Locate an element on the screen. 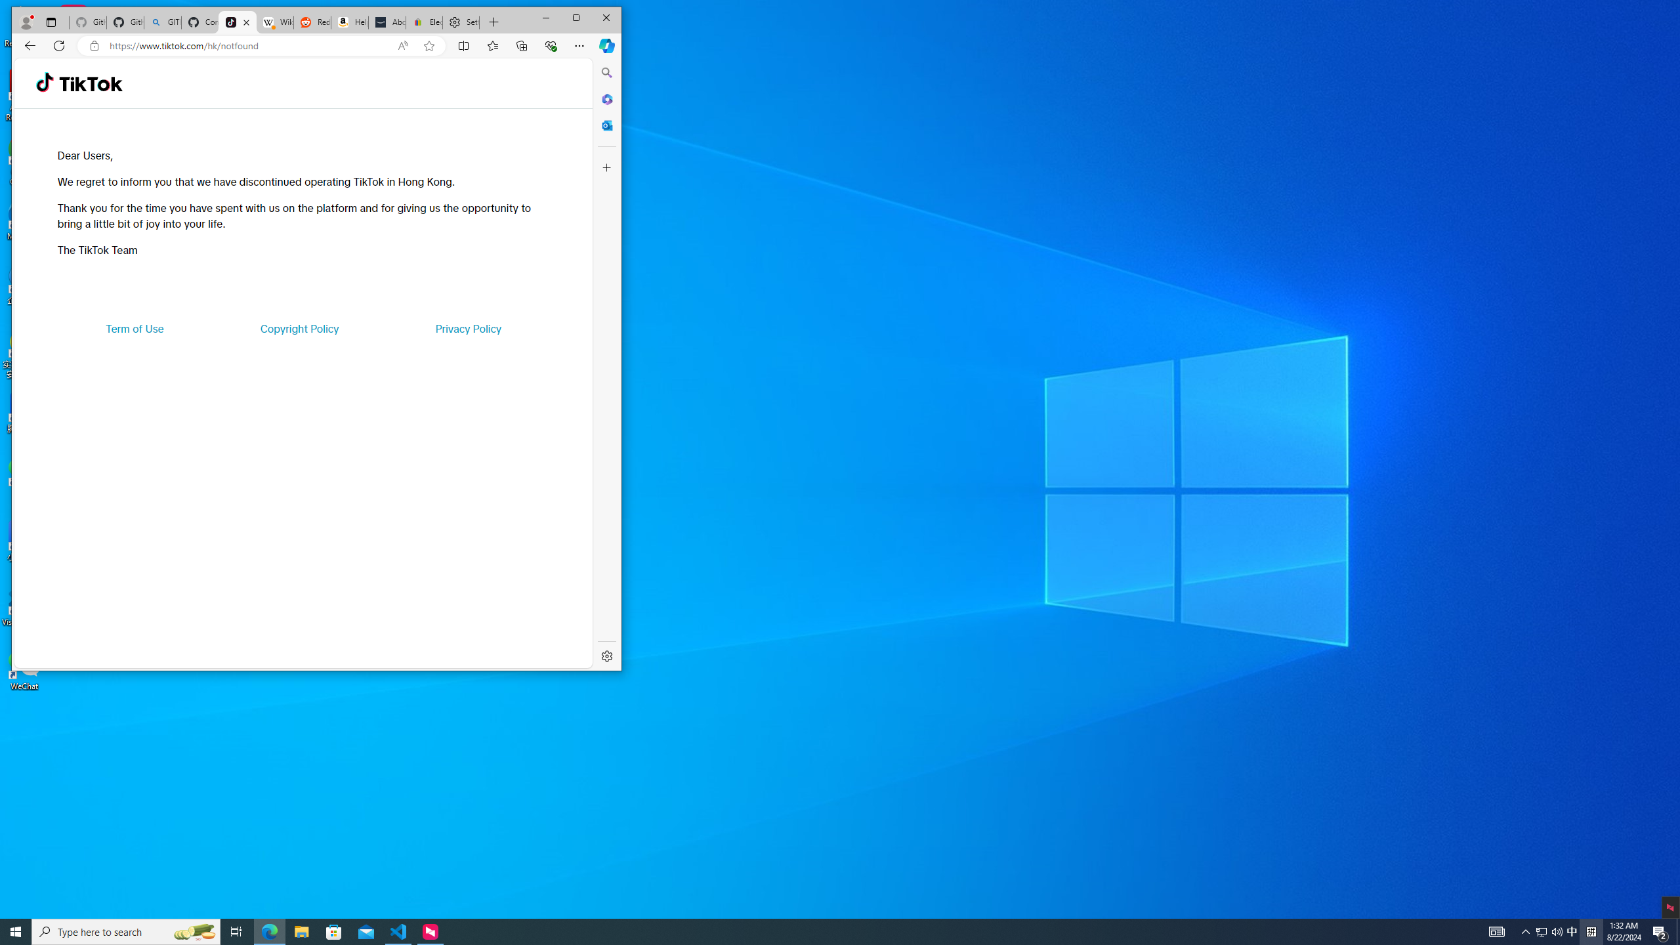 This screenshot has width=1680, height=945. 'Help & Contact Us - Amazon Customer Service' is located at coordinates (350, 22).